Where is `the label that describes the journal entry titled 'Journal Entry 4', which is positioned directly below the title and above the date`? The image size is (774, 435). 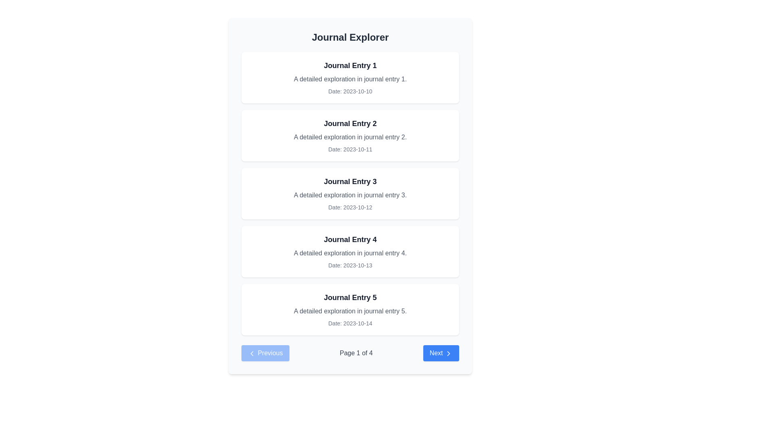
the label that describes the journal entry titled 'Journal Entry 4', which is positioned directly below the title and above the date is located at coordinates (350, 253).